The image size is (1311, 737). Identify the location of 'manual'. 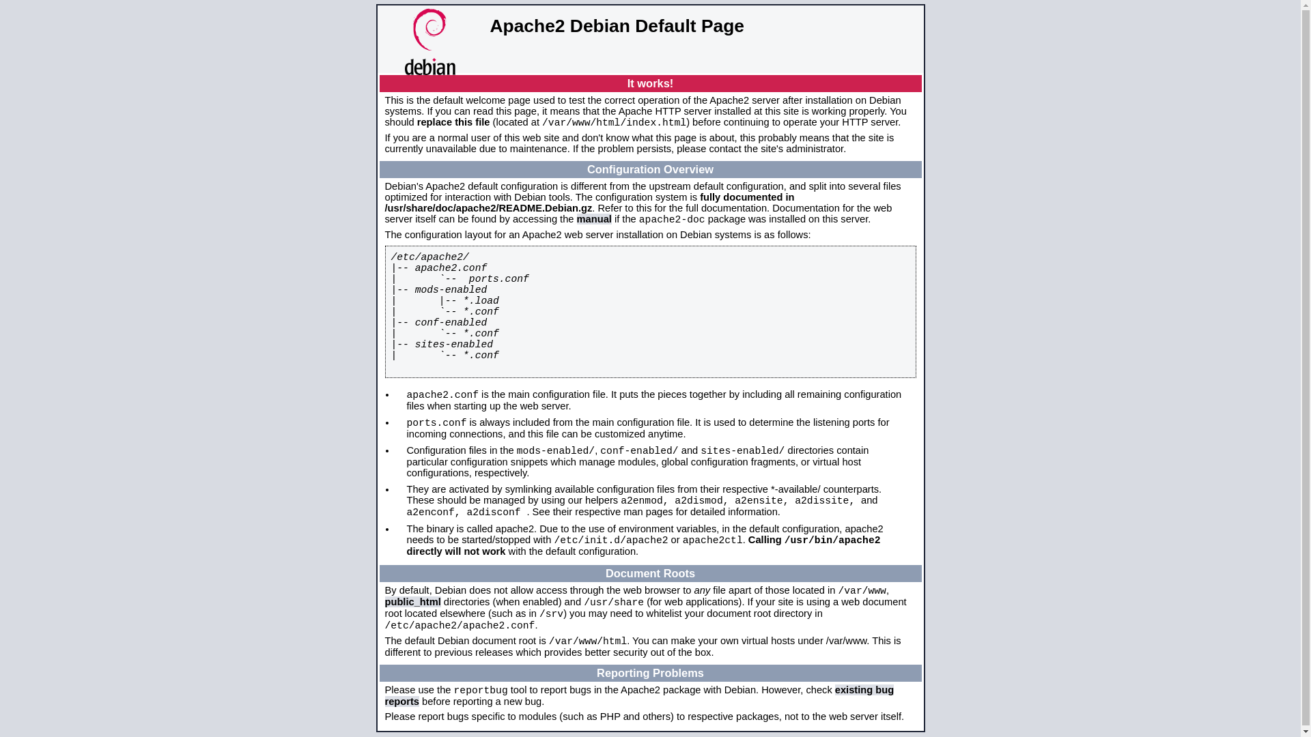
(594, 218).